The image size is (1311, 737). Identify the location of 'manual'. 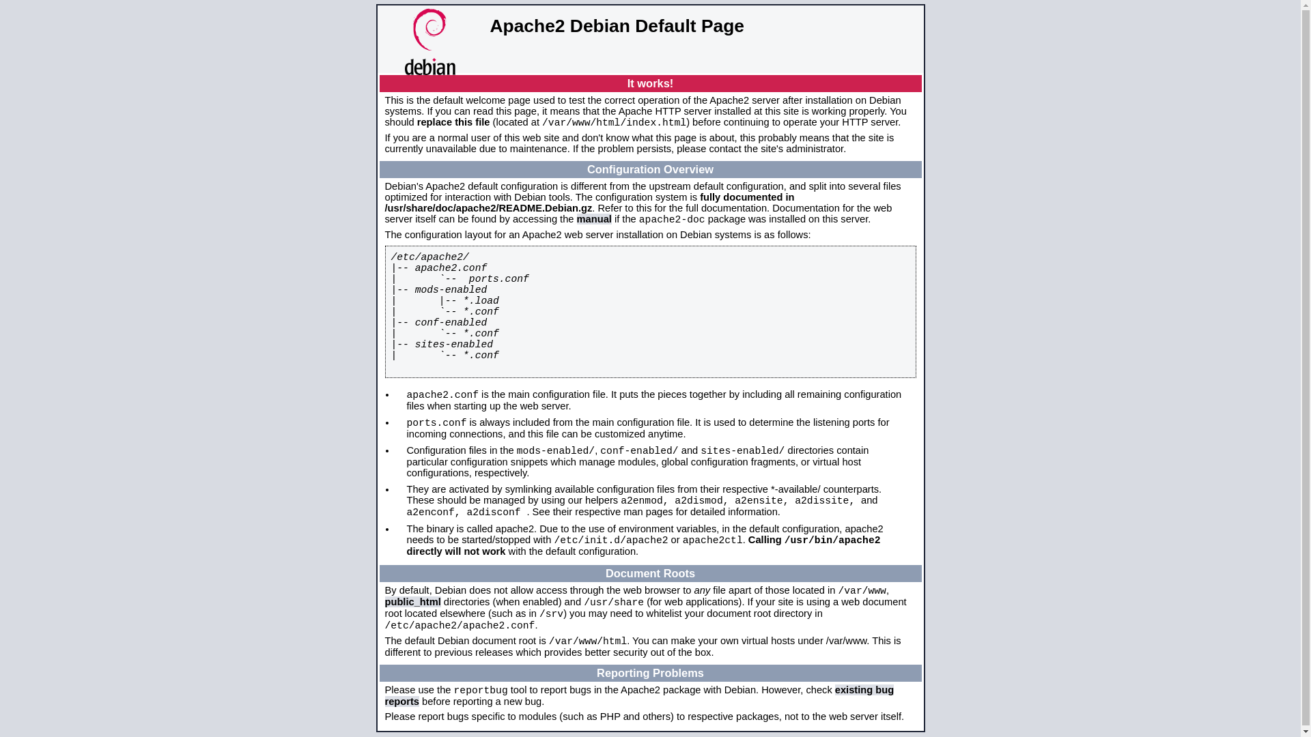
(594, 218).